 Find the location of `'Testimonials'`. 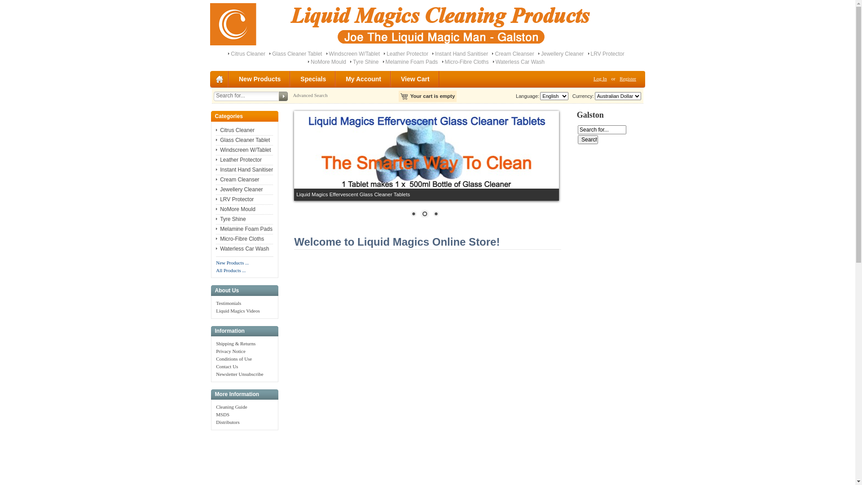

'Testimonials' is located at coordinates (228, 303).